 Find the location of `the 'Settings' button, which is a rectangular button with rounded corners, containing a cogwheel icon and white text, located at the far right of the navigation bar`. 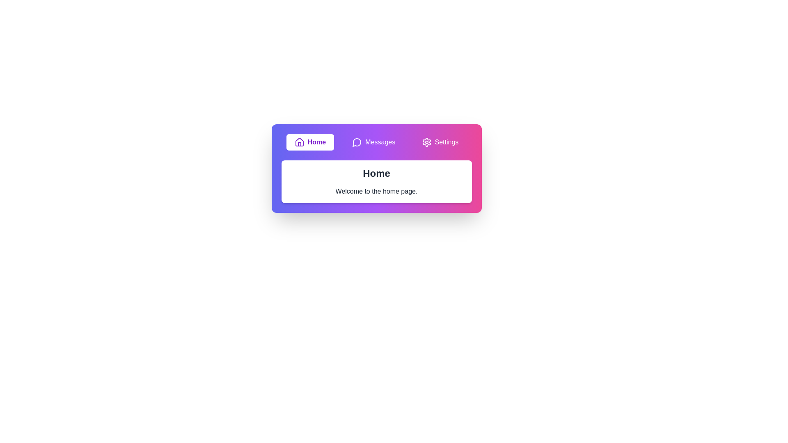

the 'Settings' button, which is a rectangular button with rounded corners, containing a cogwheel icon and white text, located at the far right of the navigation bar is located at coordinates (439, 142).